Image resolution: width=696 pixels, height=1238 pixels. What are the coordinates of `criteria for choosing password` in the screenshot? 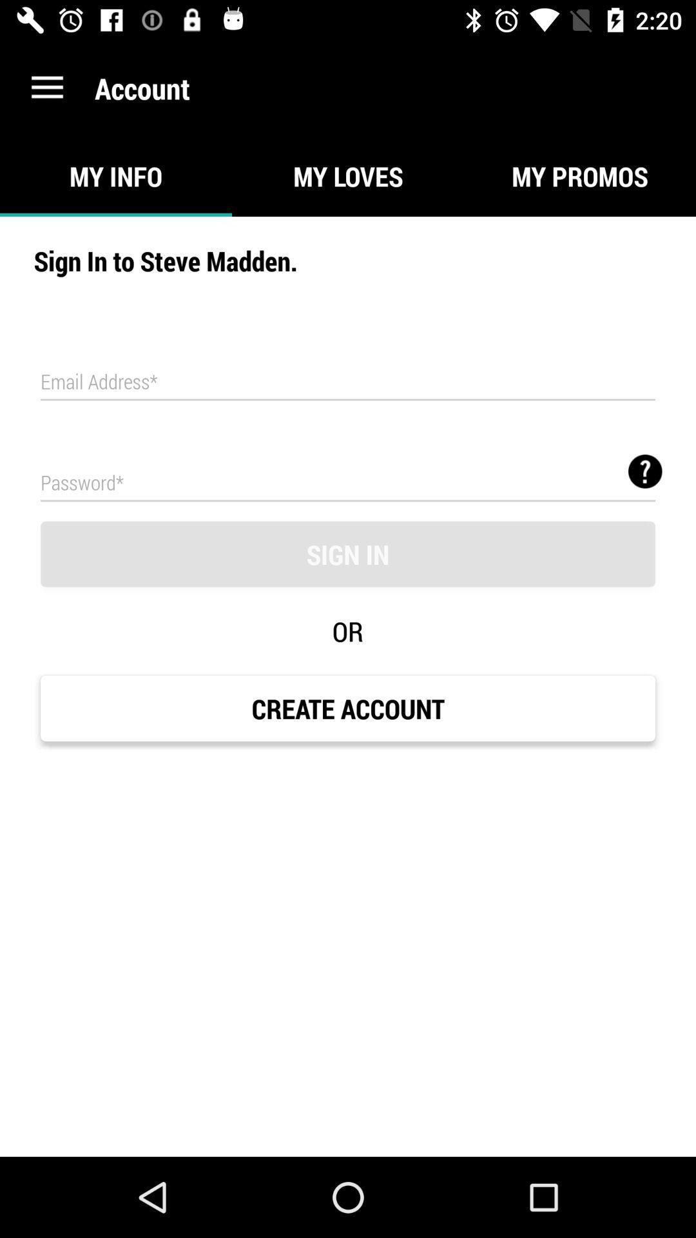 It's located at (645, 471).